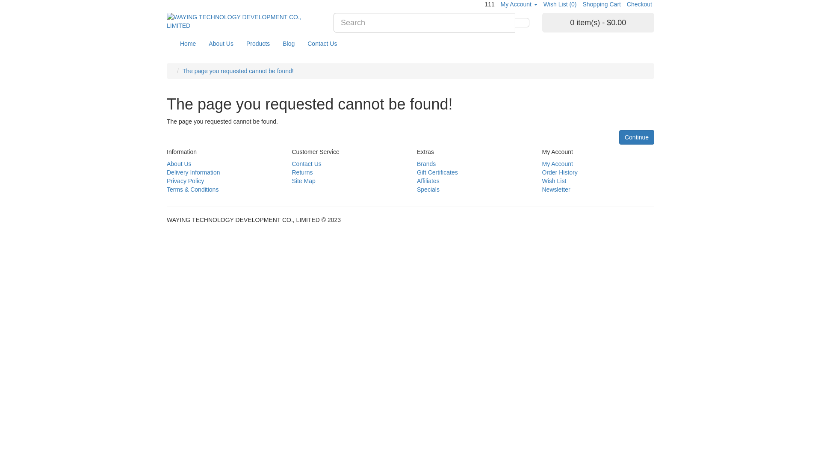  I want to click on 'Products', so click(239, 43).